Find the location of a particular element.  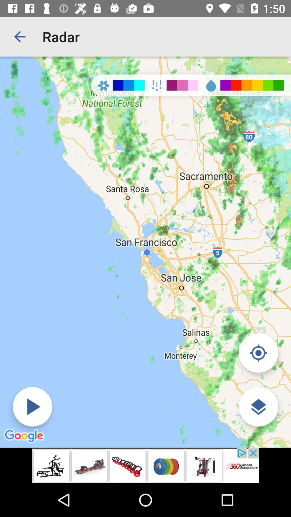

go forward is located at coordinates (32, 407).